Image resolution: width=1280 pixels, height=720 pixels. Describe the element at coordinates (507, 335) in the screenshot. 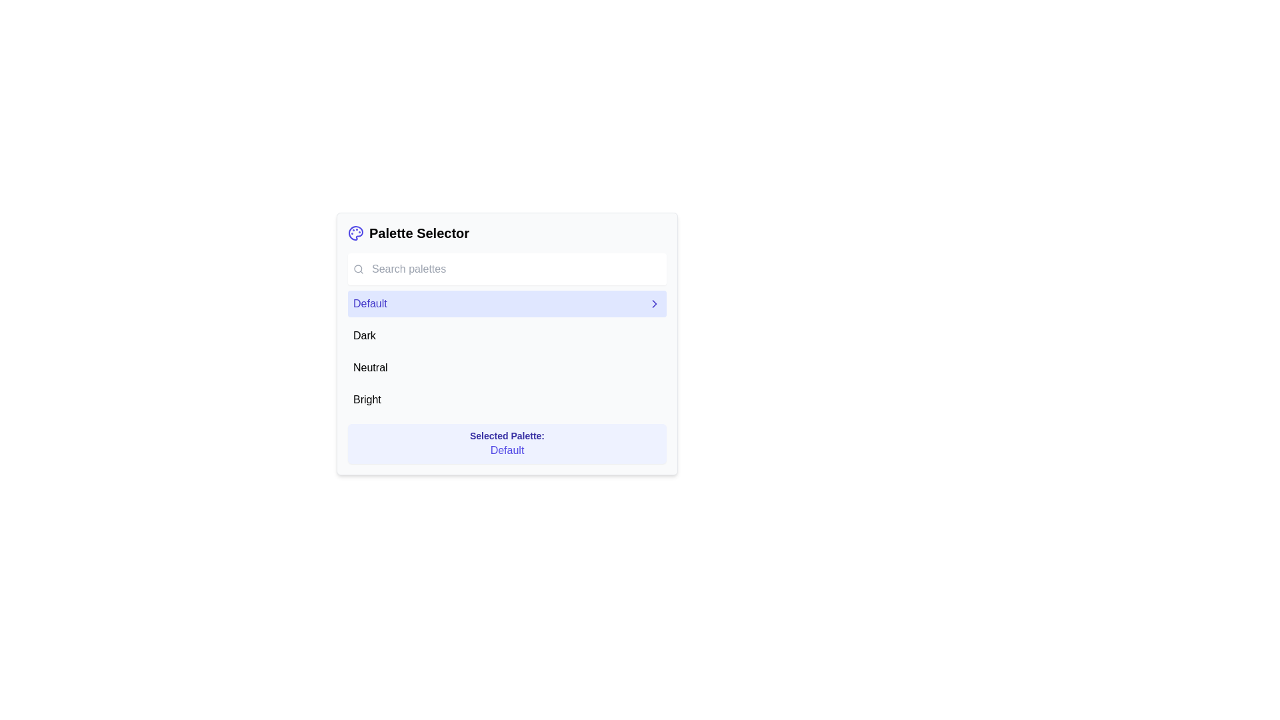

I see `the 'Dark' theme button located below the 'Default' option and above the 'Neutral' option in the 'Palette Selector'` at that location.